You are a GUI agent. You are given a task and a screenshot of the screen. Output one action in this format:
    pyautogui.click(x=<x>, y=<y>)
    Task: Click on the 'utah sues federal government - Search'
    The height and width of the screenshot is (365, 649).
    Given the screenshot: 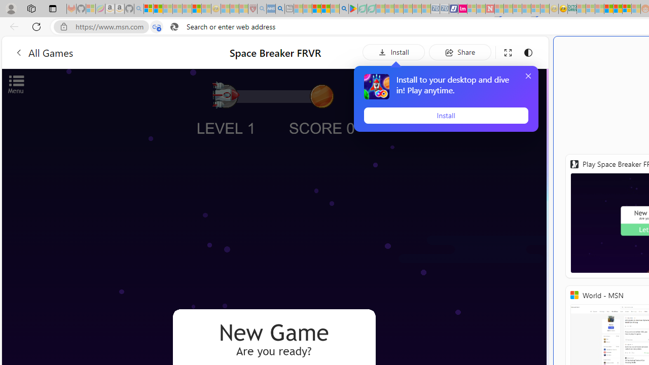 What is the action you would take?
    pyautogui.click(x=280, y=9)
    